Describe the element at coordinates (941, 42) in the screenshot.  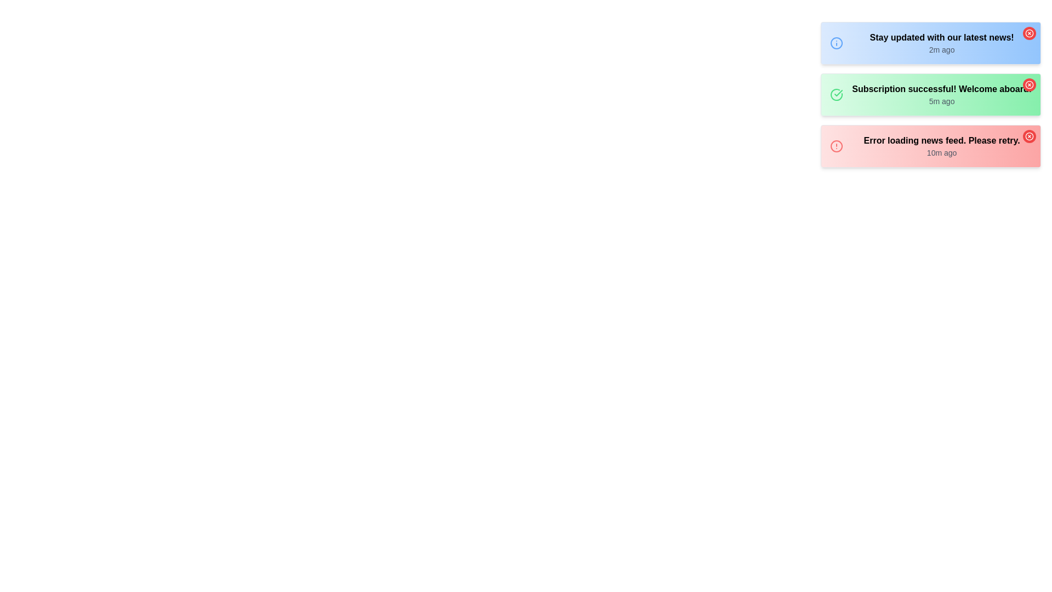
I see `the primary text block that reads 'Stay updated with our latest news!' in bold, located at the top of the notification card with a gradient blue background` at that location.